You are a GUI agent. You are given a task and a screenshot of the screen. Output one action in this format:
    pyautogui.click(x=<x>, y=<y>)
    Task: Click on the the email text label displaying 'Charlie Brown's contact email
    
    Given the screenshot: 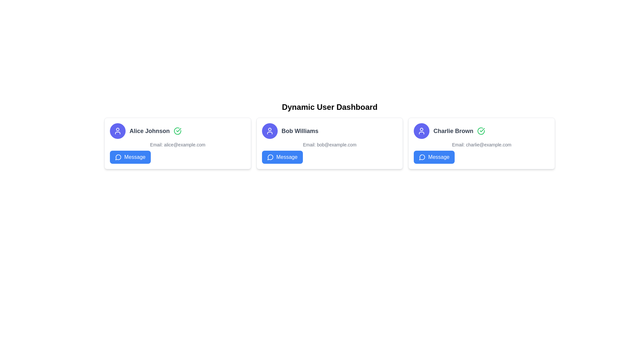 What is the action you would take?
    pyautogui.click(x=481, y=144)
    